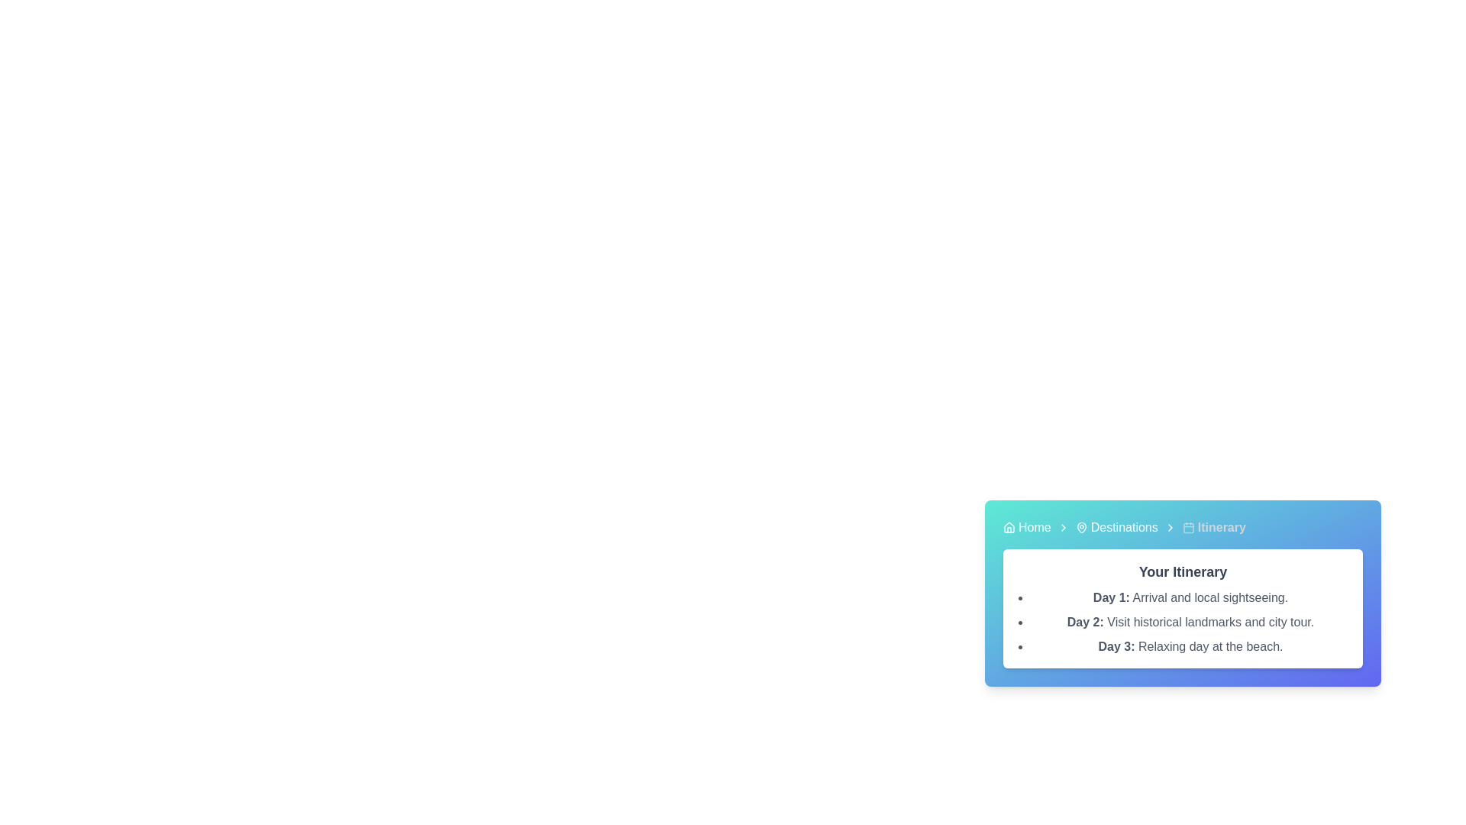 This screenshot has height=825, width=1466. Describe the element at coordinates (1009, 526) in the screenshot. I see `the 'Home' icon in the breadcrumb navigation, which serves as the starting point for the main page` at that location.